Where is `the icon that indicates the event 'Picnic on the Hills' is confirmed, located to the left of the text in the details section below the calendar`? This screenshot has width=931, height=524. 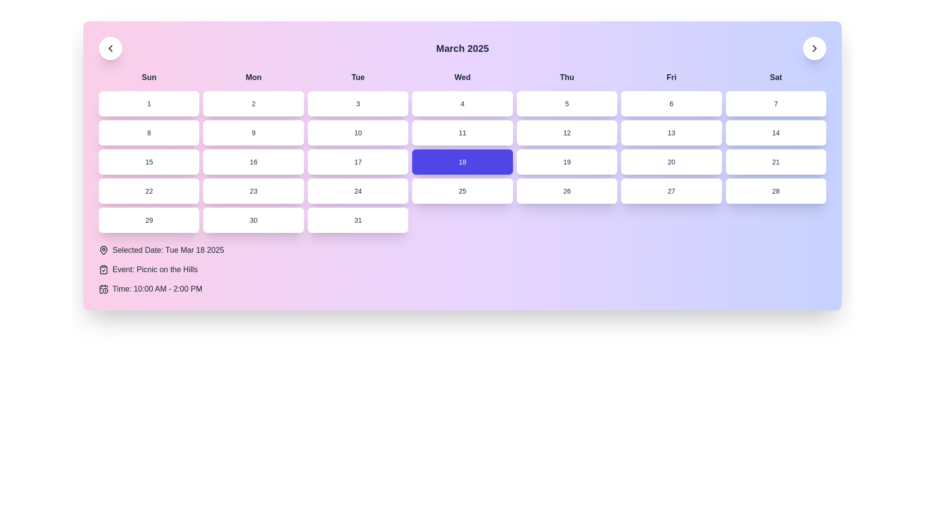 the icon that indicates the event 'Picnic on the Hills' is confirmed, located to the left of the text in the details section below the calendar is located at coordinates (104, 269).